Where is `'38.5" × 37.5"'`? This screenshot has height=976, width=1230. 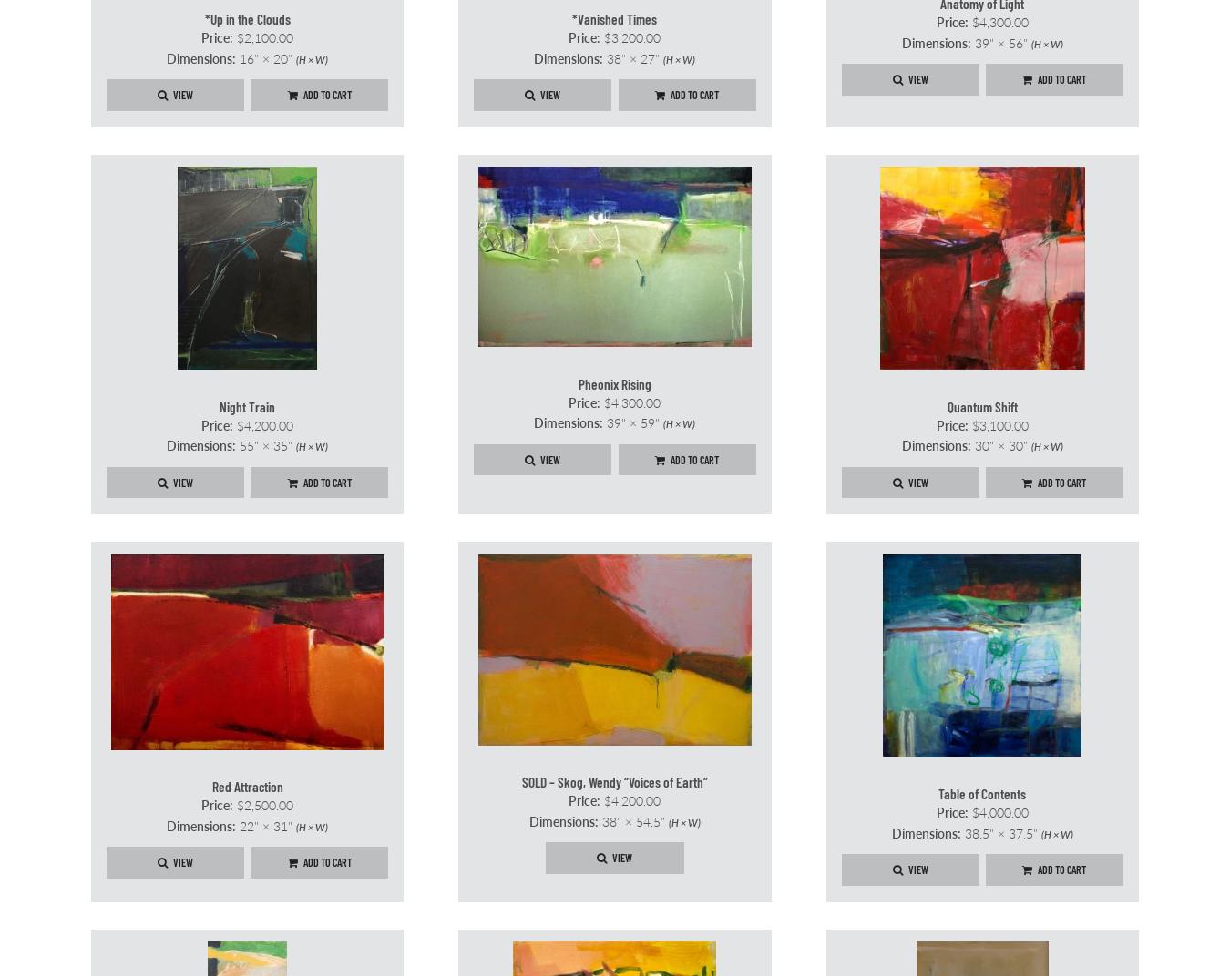
'38.5" × 37.5"' is located at coordinates (999, 831).